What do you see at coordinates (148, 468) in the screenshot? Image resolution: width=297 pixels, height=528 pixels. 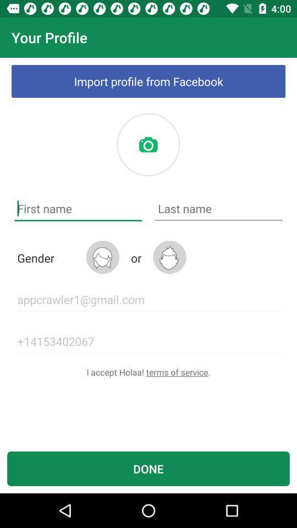 I see `the done` at bounding box center [148, 468].